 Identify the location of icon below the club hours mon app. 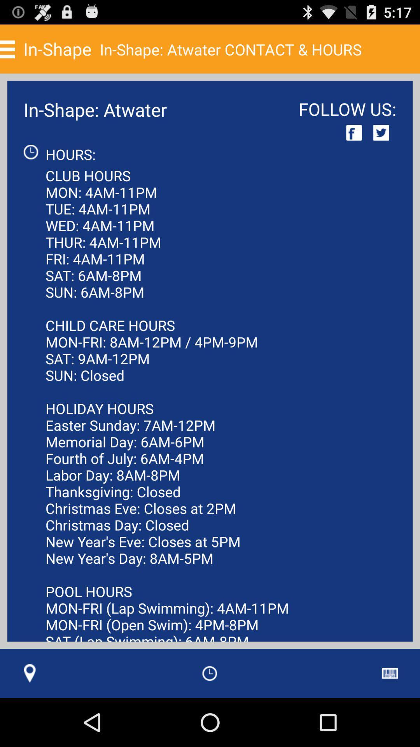
(29, 673).